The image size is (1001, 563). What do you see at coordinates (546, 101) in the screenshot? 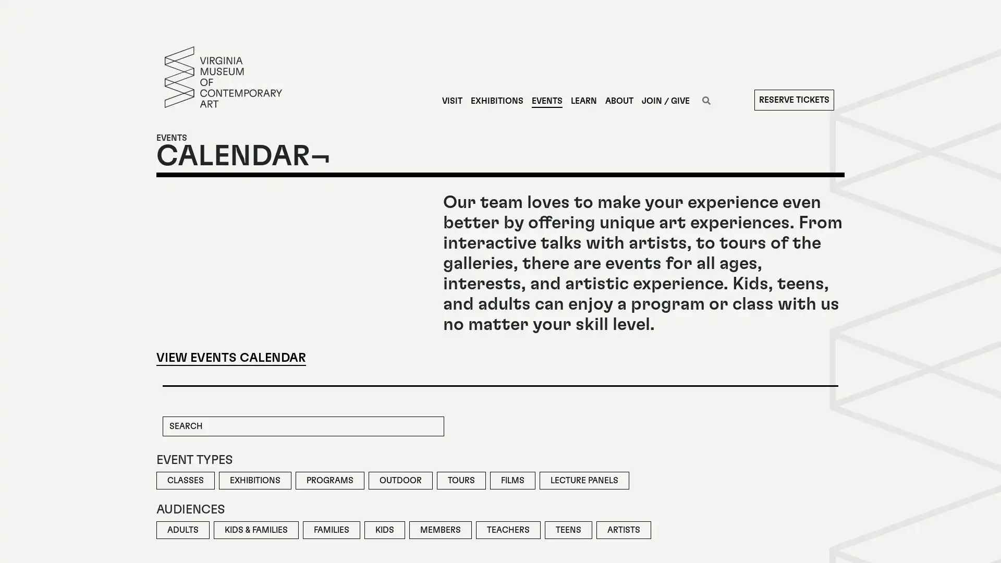
I see `EVENTS` at bounding box center [546, 101].